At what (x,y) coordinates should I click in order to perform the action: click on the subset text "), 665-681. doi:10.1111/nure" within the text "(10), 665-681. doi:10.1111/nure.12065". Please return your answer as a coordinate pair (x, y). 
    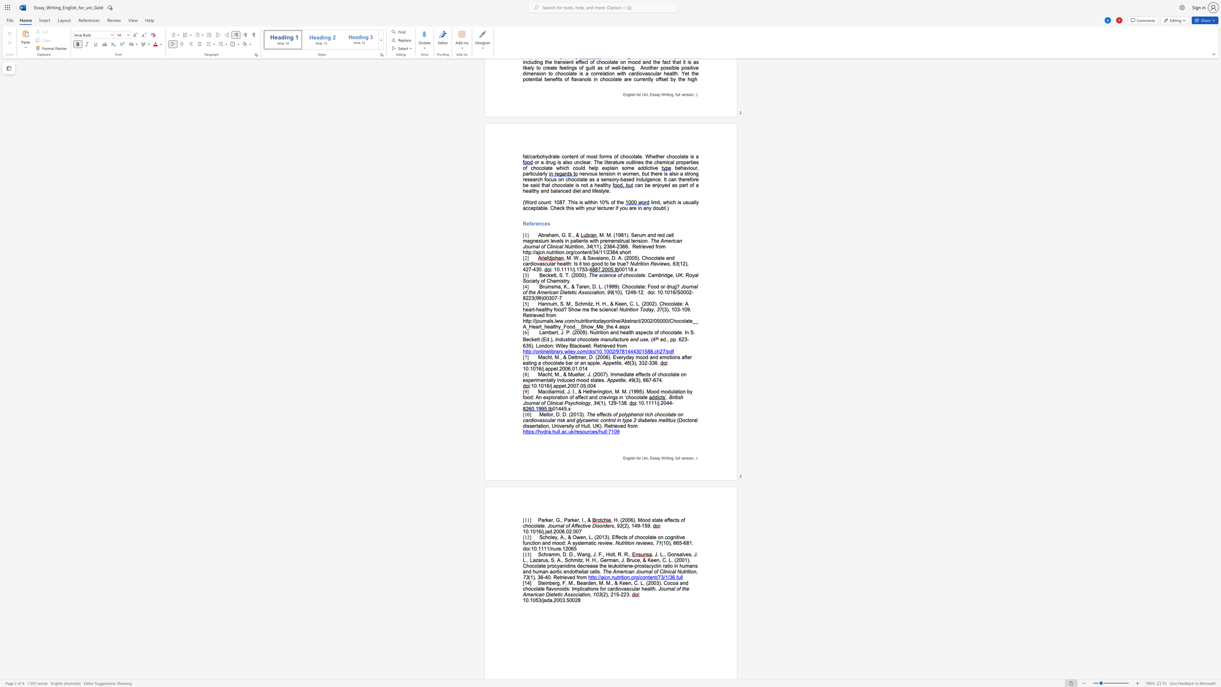
    Looking at the image, I should click on (669, 542).